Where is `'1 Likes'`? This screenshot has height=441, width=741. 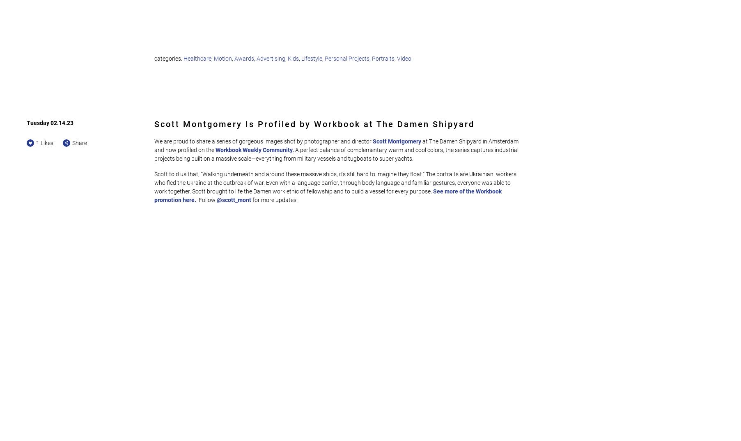
'1 Likes' is located at coordinates (45, 142).